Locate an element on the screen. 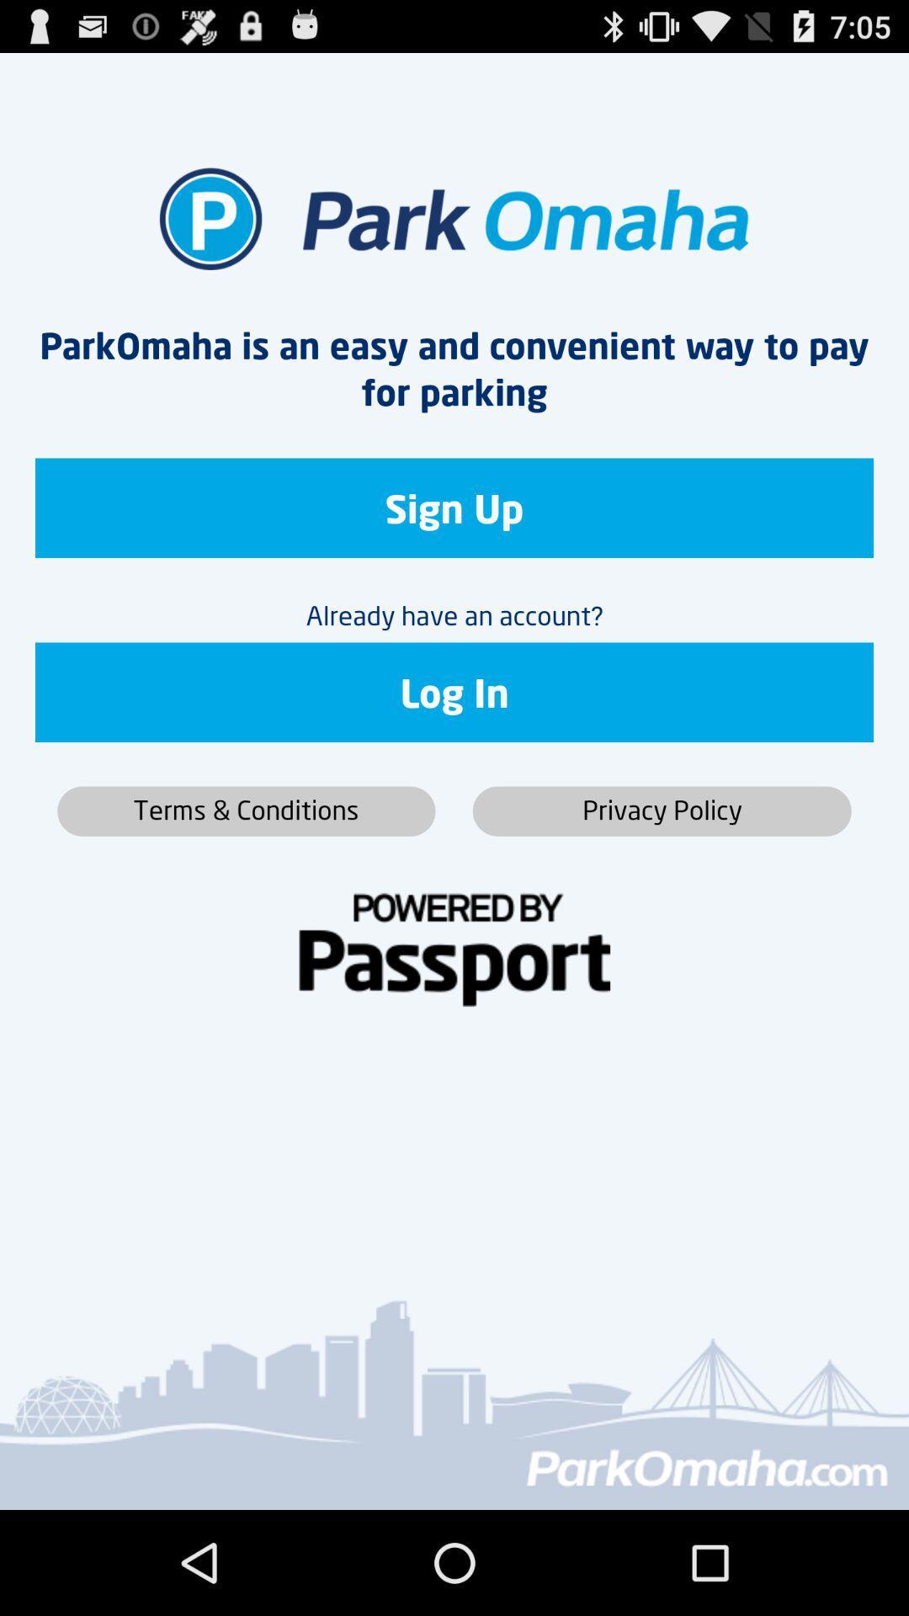  button below log in icon is located at coordinates (661, 811).